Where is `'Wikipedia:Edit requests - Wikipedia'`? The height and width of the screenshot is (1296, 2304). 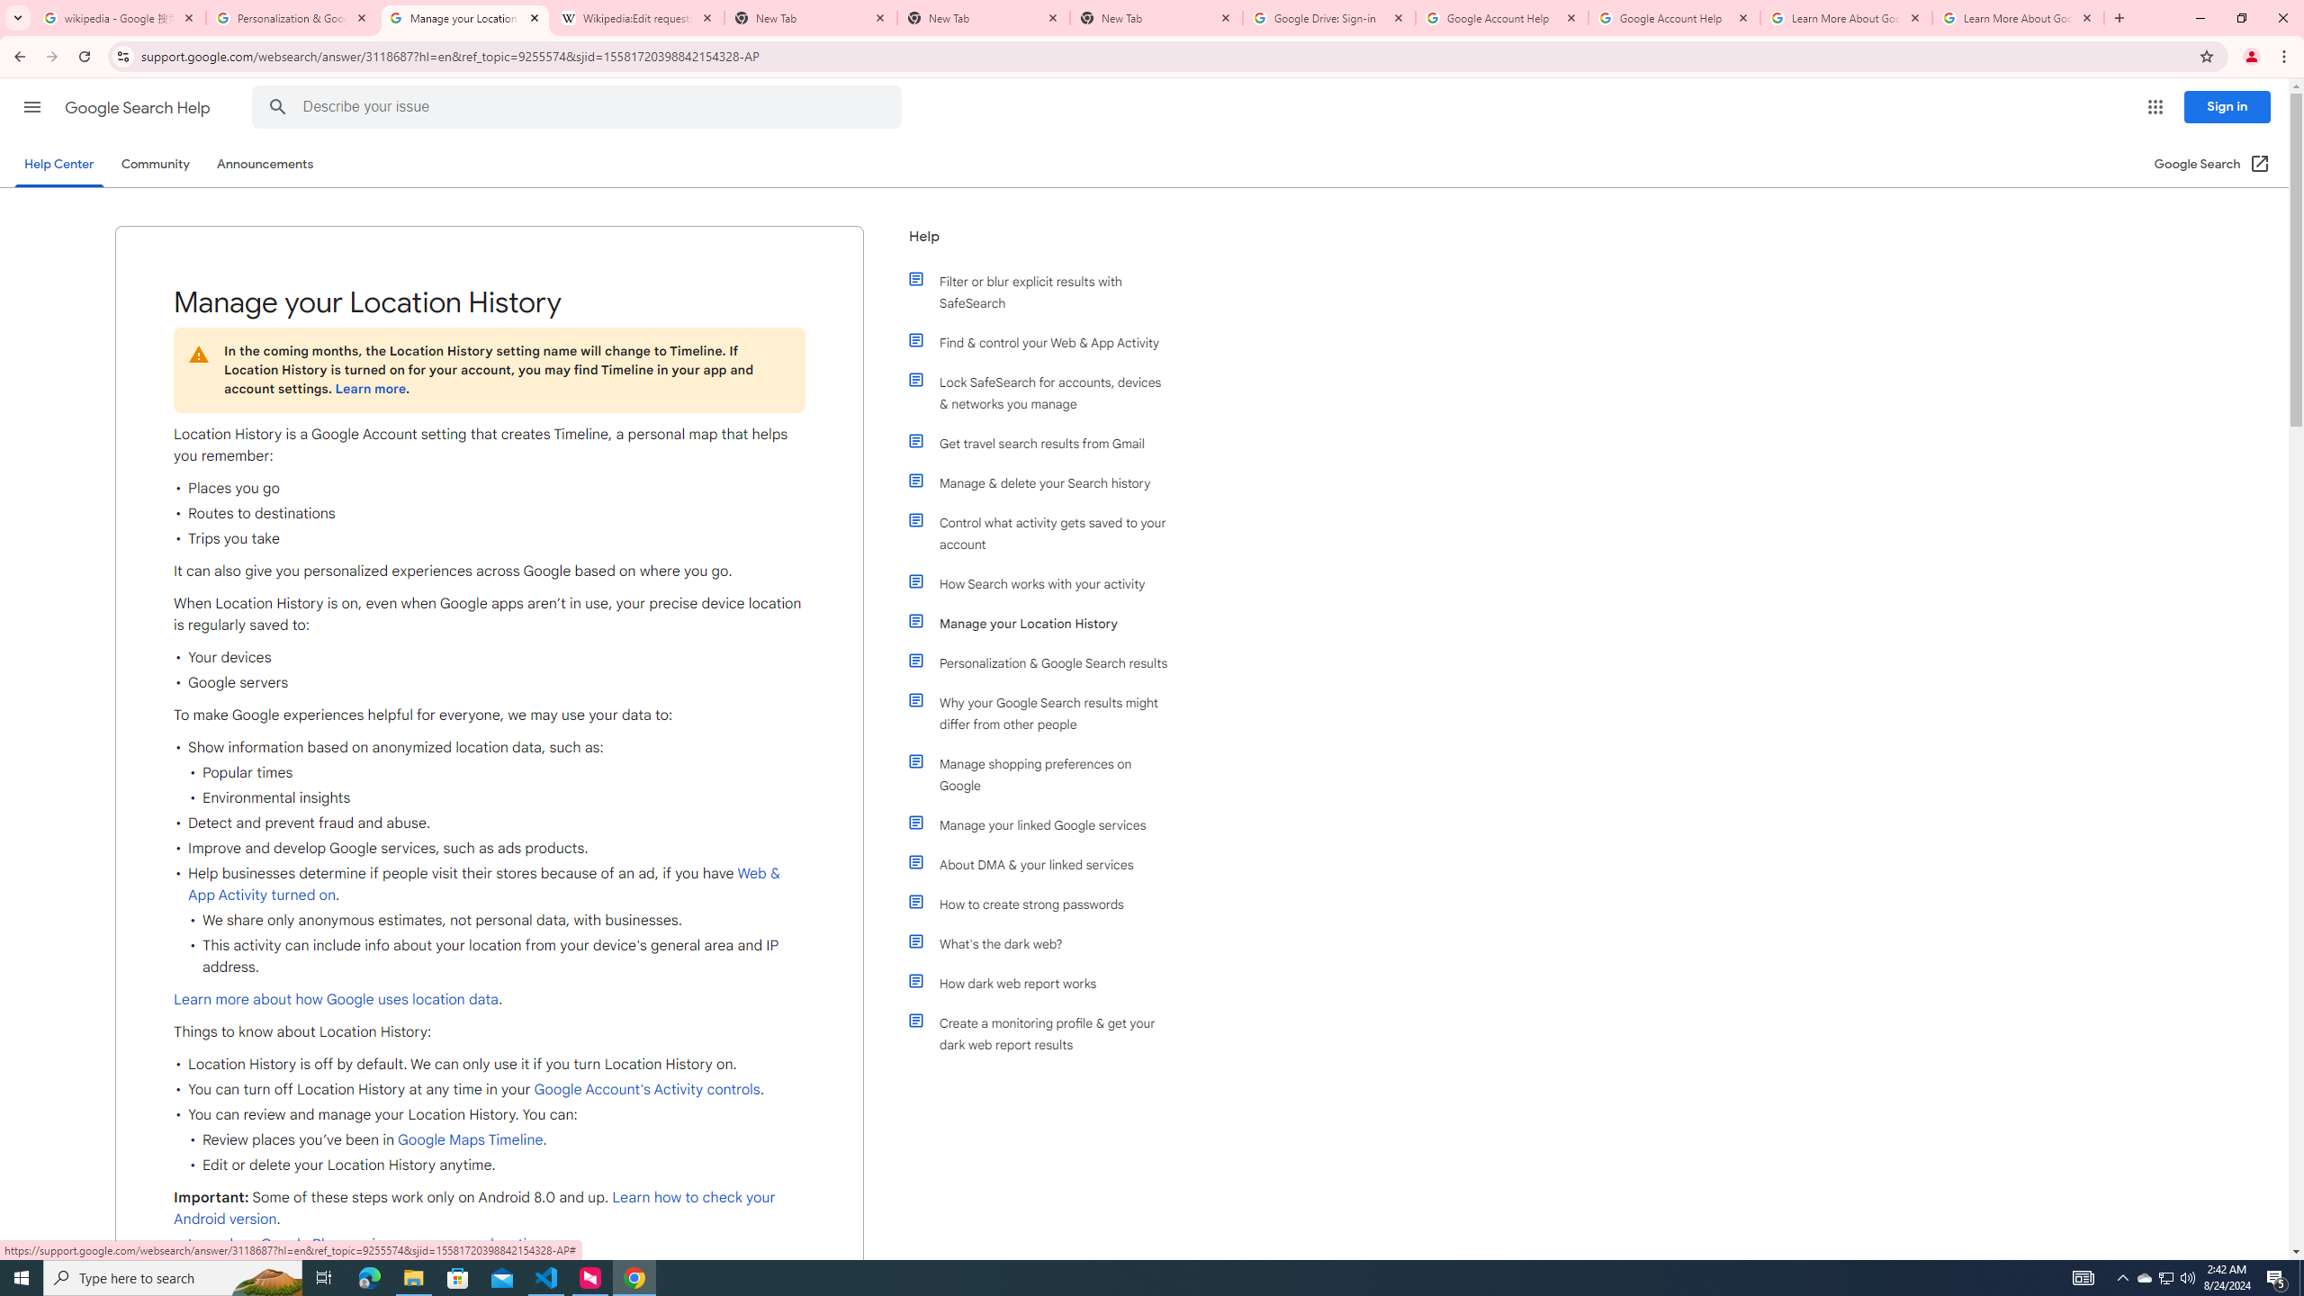 'Wikipedia:Edit requests - Wikipedia' is located at coordinates (638, 17).